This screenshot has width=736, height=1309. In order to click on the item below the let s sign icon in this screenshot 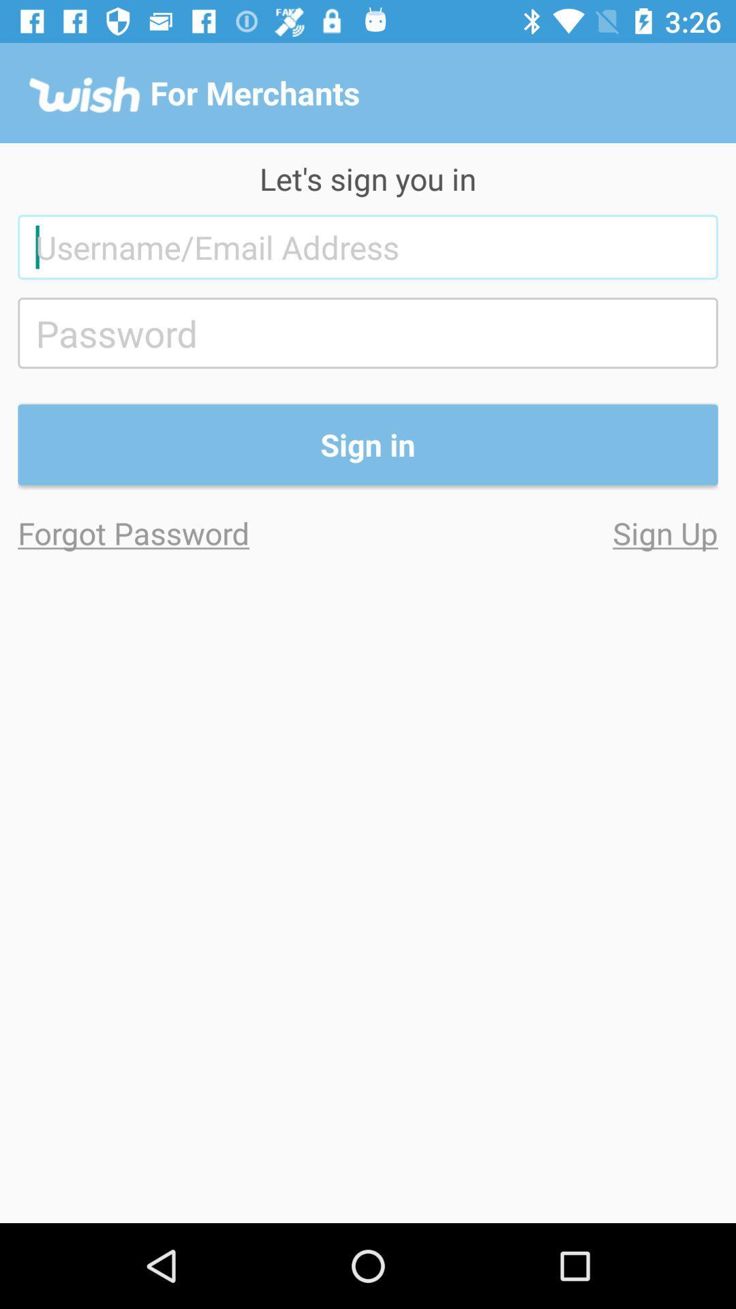, I will do `click(368, 247)`.